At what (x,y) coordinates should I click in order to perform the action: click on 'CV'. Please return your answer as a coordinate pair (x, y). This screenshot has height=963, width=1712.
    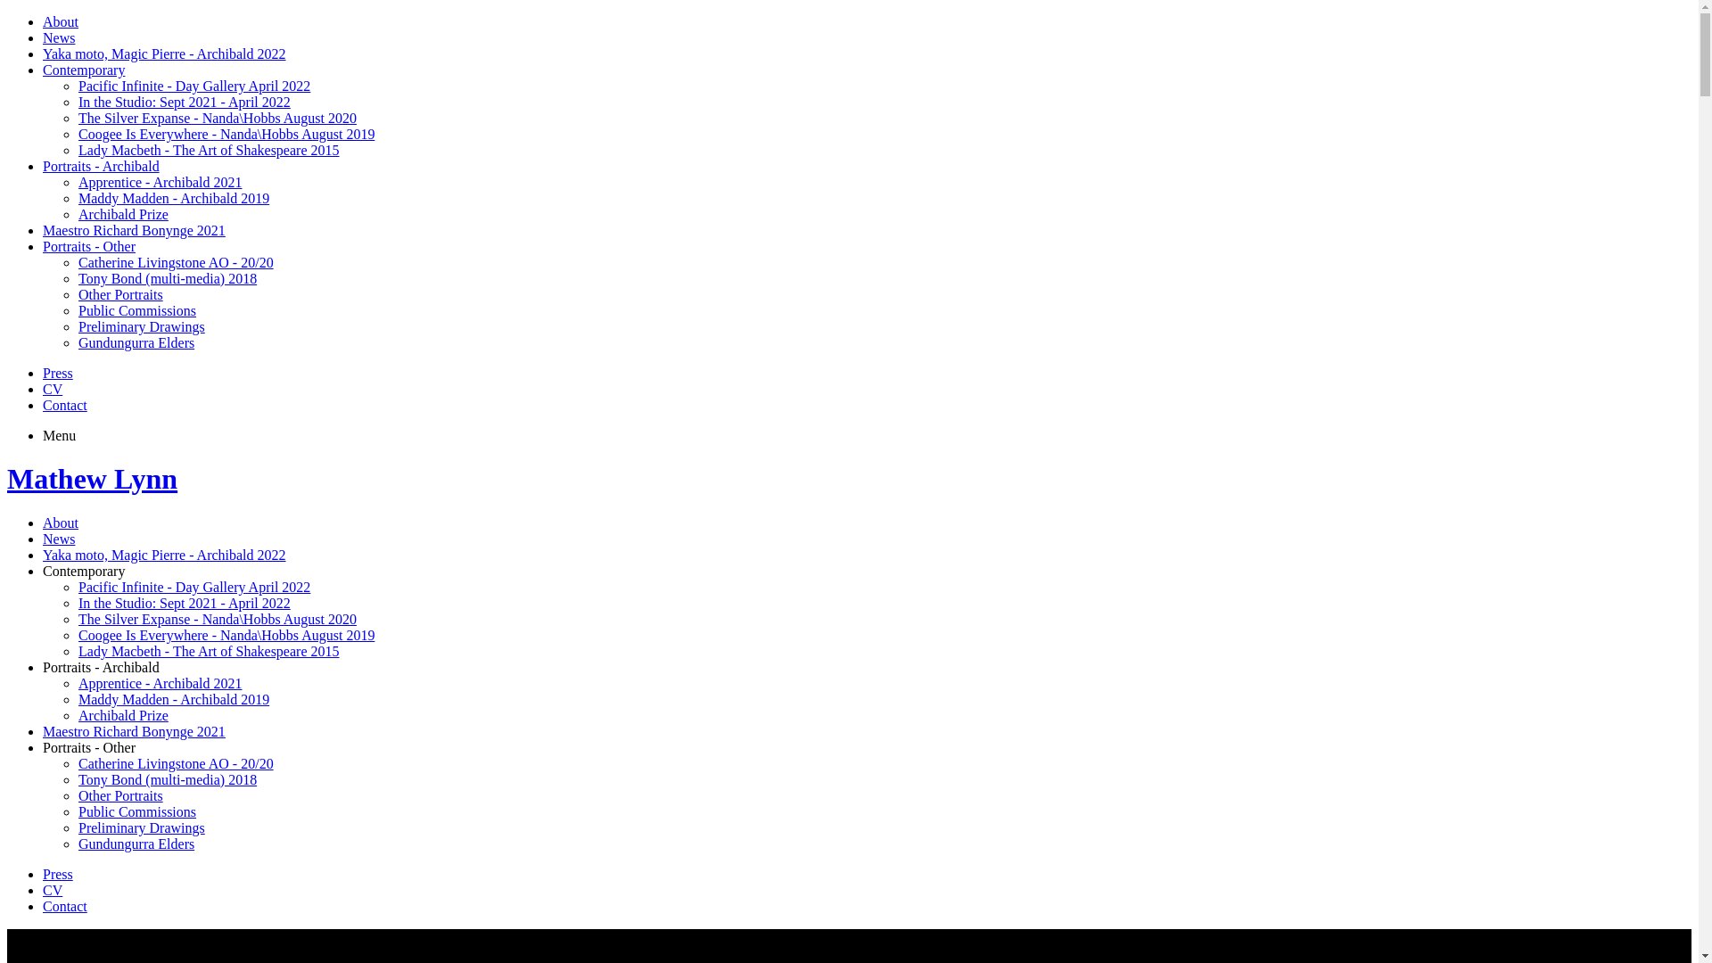
    Looking at the image, I should click on (52, 388).